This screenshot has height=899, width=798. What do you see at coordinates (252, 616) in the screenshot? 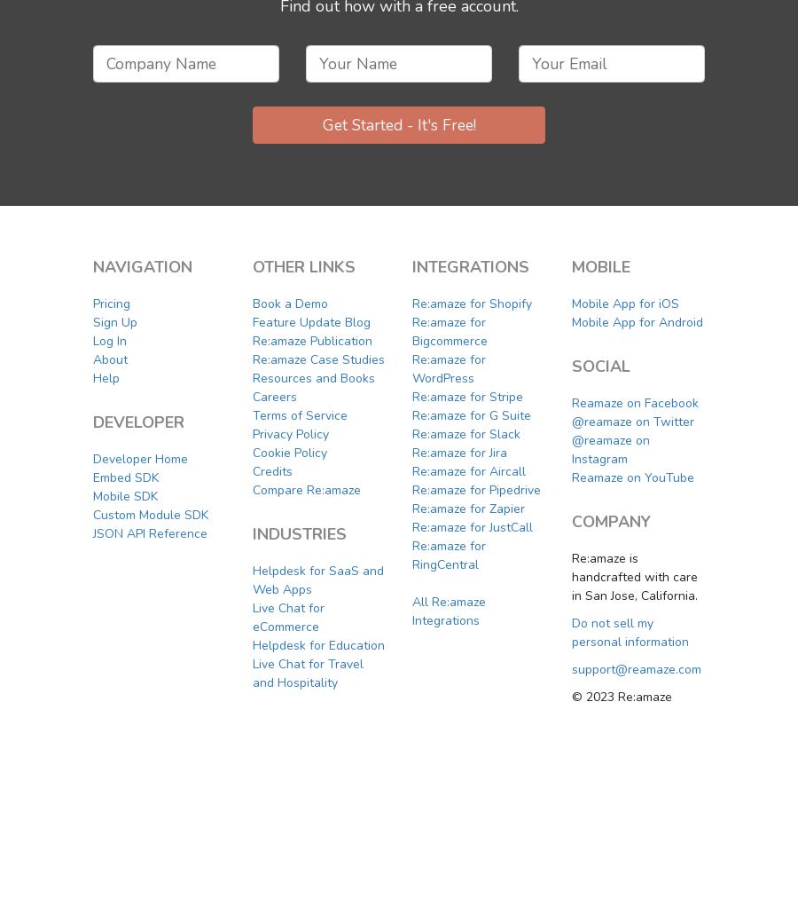
I see `'Live Chat for eCommerce'` at bounding box center [252, 616].